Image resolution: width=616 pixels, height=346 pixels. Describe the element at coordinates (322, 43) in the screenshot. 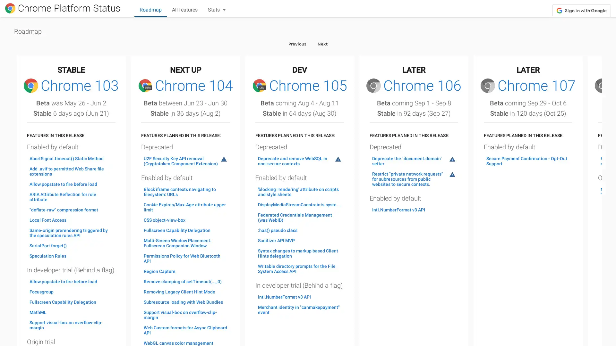

I see `Button to move to later release` at that location.